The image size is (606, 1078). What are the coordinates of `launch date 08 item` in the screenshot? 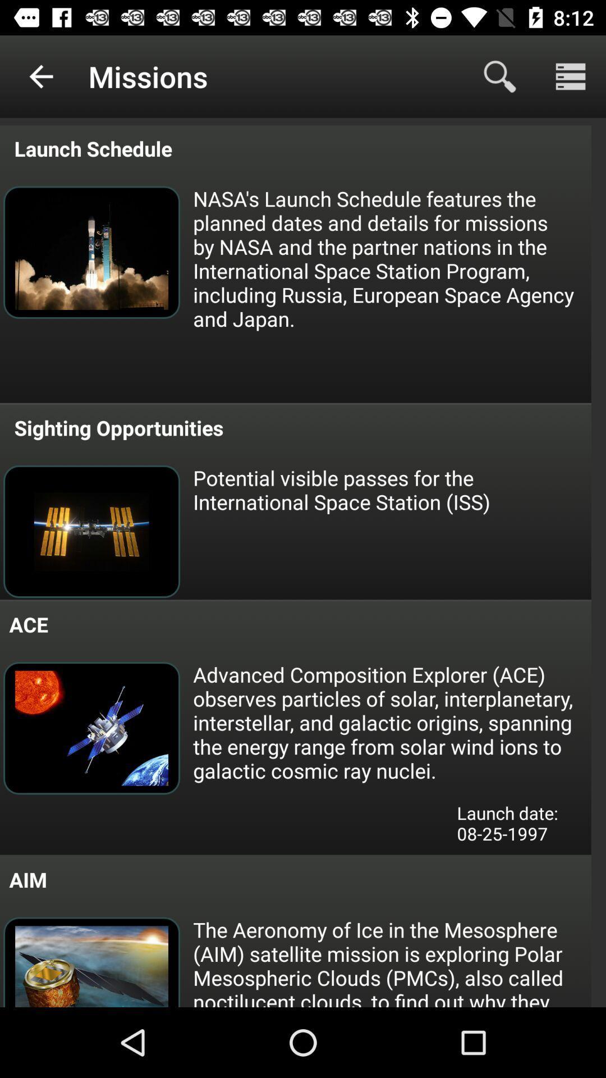 It's located at (516, 827).